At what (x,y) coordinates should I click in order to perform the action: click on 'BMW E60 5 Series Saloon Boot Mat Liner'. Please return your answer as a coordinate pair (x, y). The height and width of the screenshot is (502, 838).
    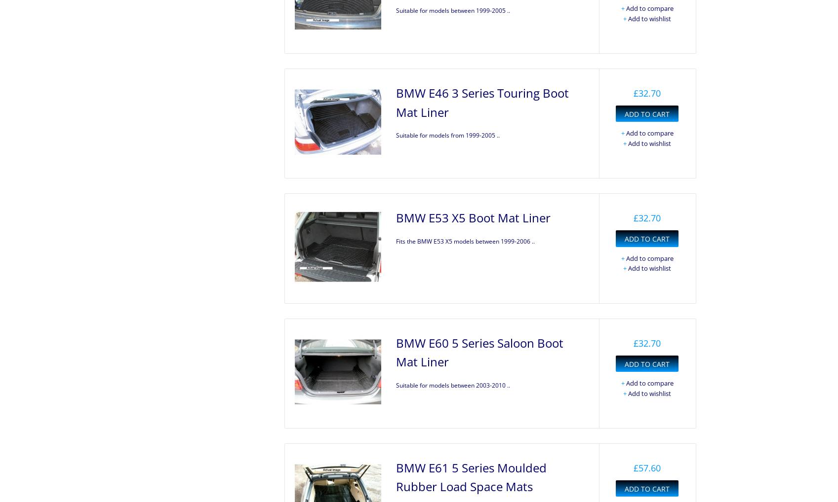
    Looking at the image, I should click on (479, 352).